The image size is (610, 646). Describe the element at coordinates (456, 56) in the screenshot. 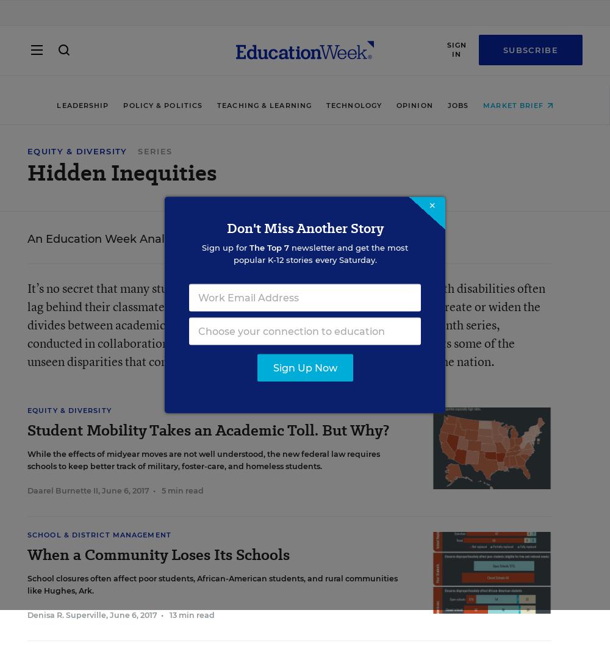

I see `'Sign In'` at that location.